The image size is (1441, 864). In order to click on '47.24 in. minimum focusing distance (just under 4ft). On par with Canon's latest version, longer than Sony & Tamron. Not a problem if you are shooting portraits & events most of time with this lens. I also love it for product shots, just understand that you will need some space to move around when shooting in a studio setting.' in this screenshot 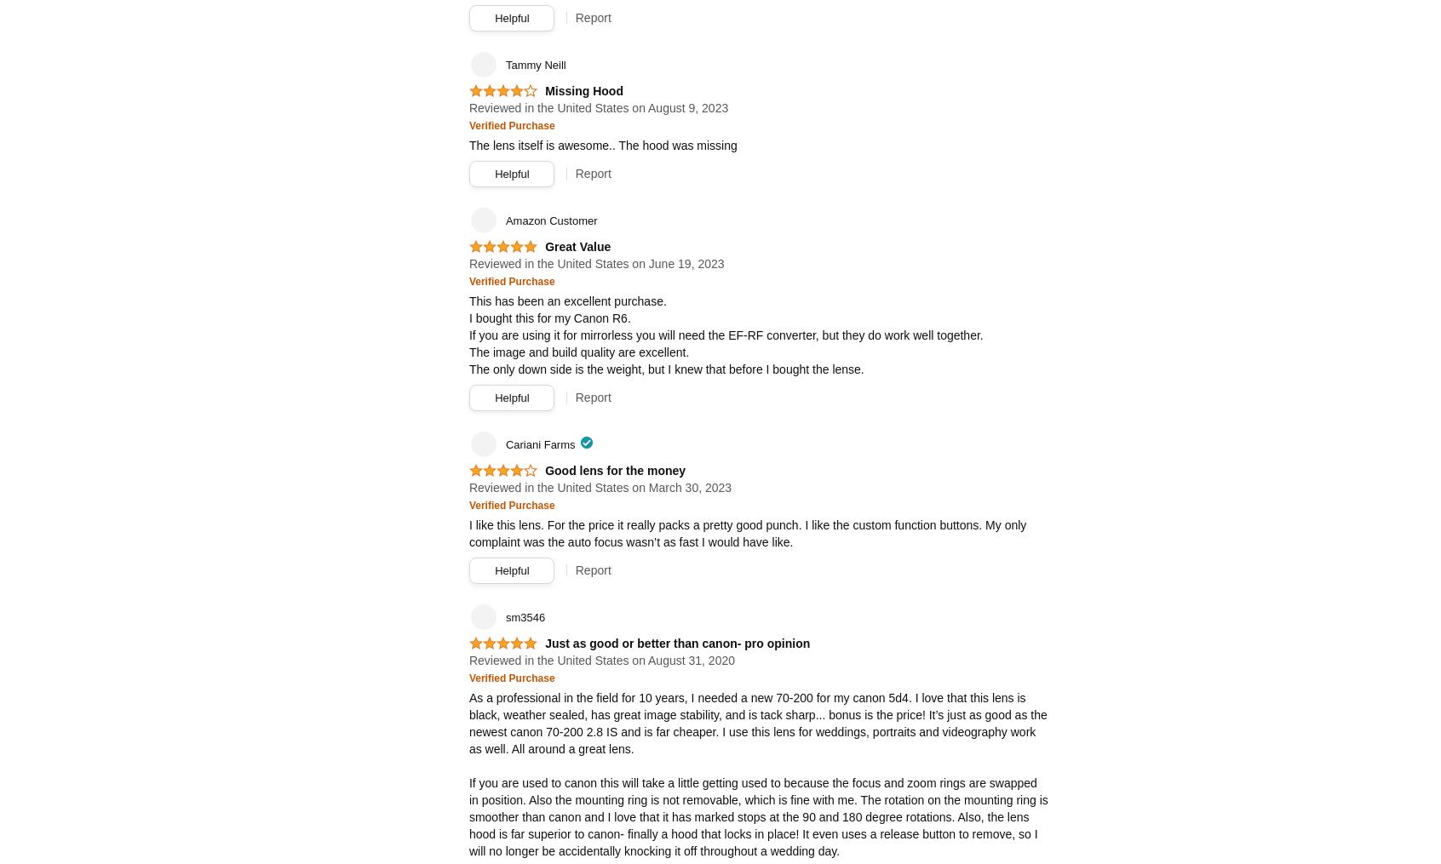, I will do `click(752, 104)`.